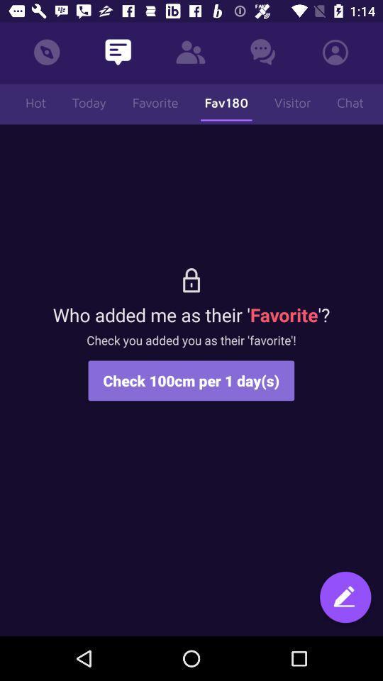  Describe the element at coordinates (345, 598) in the screenshot. I see `a new message` at that location.